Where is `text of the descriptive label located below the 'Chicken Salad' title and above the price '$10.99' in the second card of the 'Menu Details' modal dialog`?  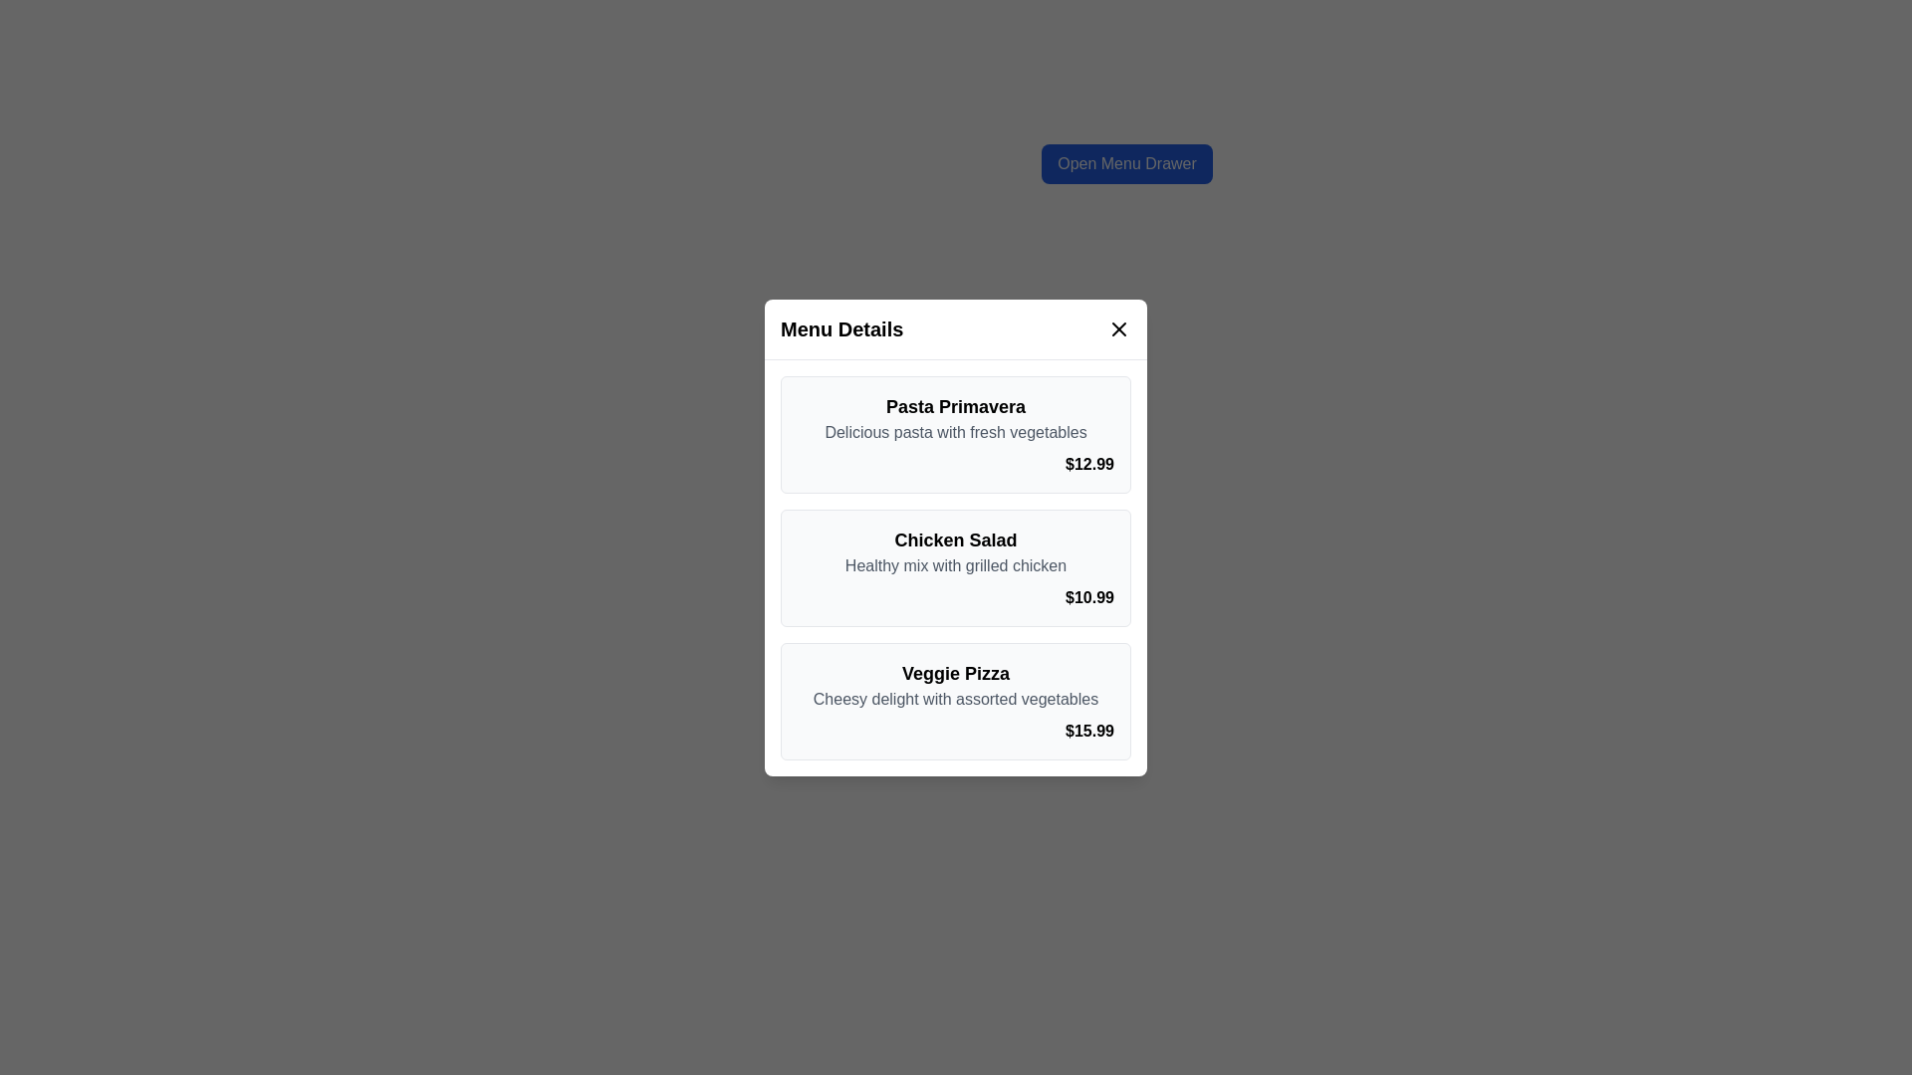
text of the descriptive label located below the 'Chicken Salad' title and above the price '$10.99' in the second card of the 'Menu Details' modal dialog is located at coordinates (956, 565).